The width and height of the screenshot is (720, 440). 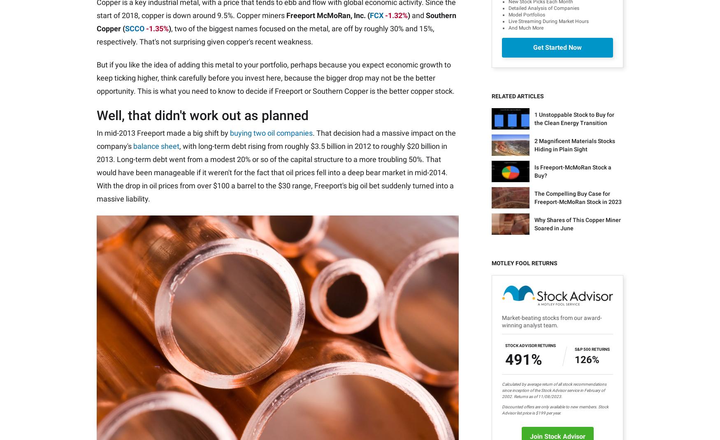 What do you see at coordinates (380, 425) in the screenshot?
I see `'Copyright, Trademark and Patent Information'` at bounding box center [380, 425].